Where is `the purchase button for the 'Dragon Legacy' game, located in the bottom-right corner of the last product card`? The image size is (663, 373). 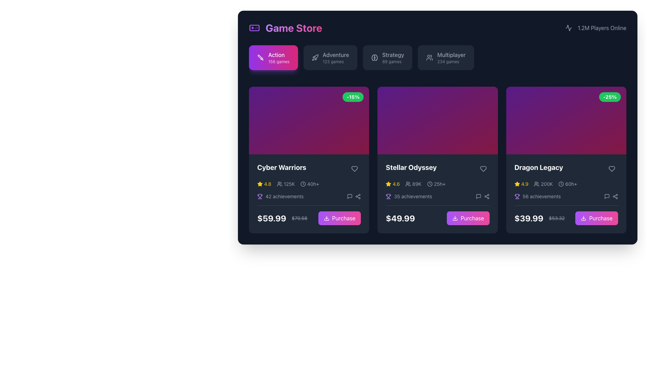
the purchase button for the 'Dragon Legacy' game, located in the bottom-right corner of the last product card is located at coordinates (596, 218).